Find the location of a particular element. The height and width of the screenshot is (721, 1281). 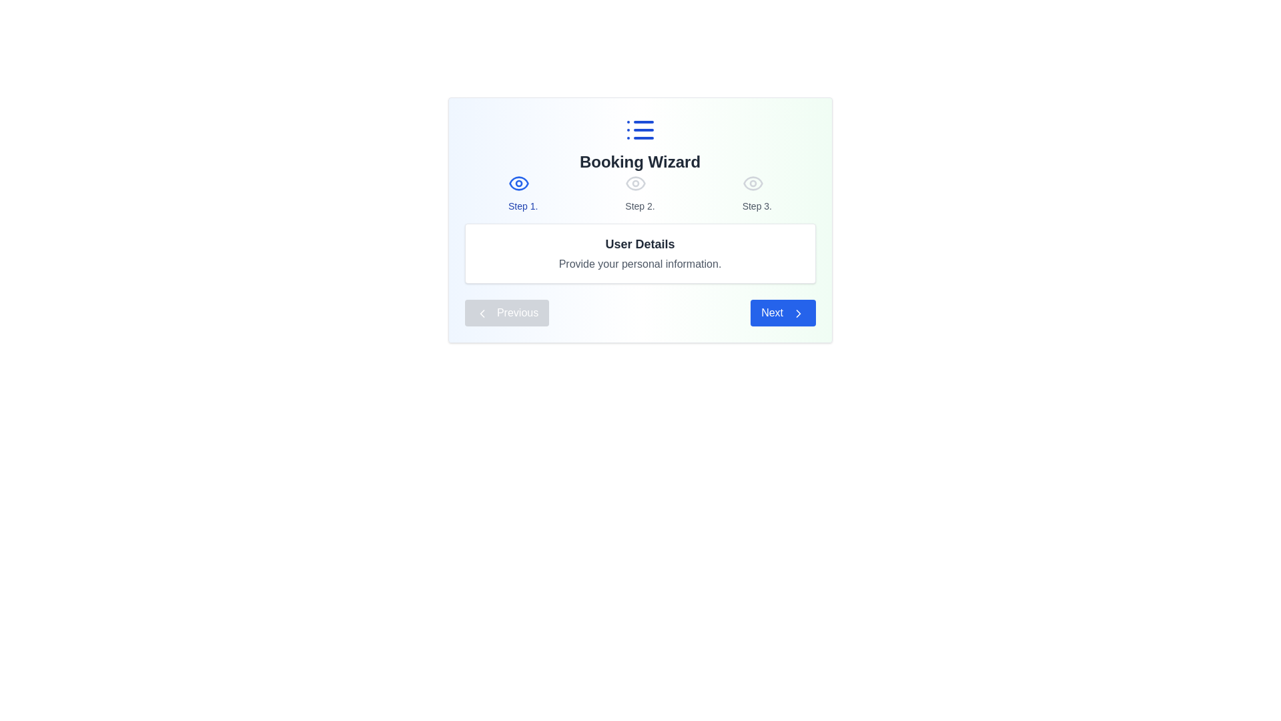

the blue eye icon located above the text 'Step 1' in the Booking Wizard layout is located at coordinates (522, 193).